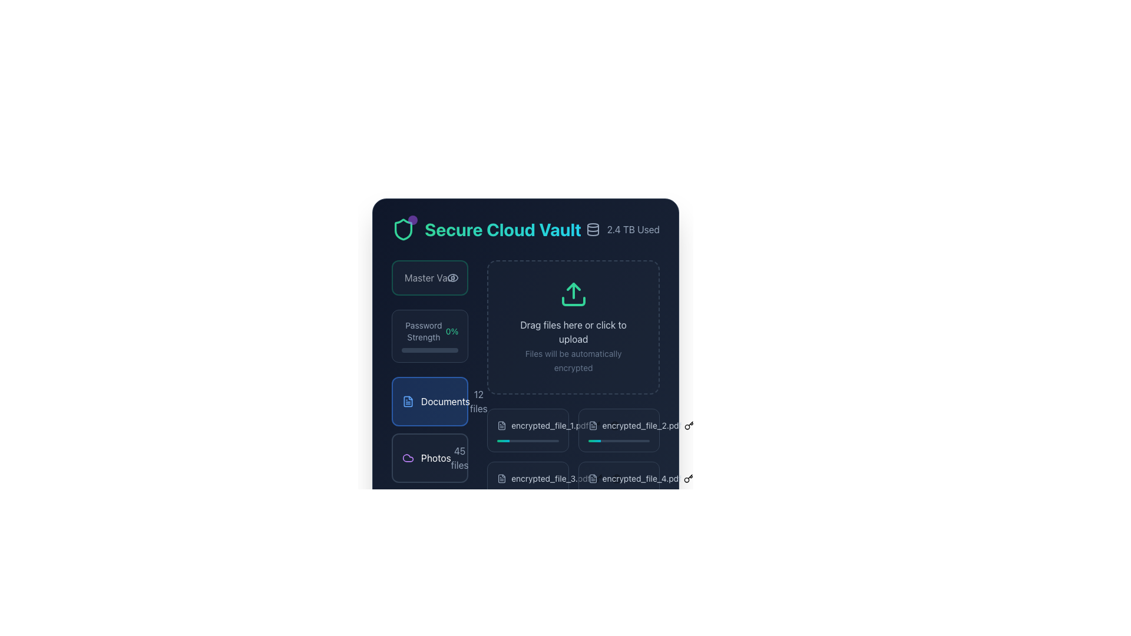 This screenshot has width=1131, height=636. What do you see at coordinates (426, 458) in the screenshot?
I see `the text label 'photos' accompanied by a purple cloud icon, which is located below the 'Documents' section and grouped with the descriptor '45 files'` at bounding box center [426, 458].